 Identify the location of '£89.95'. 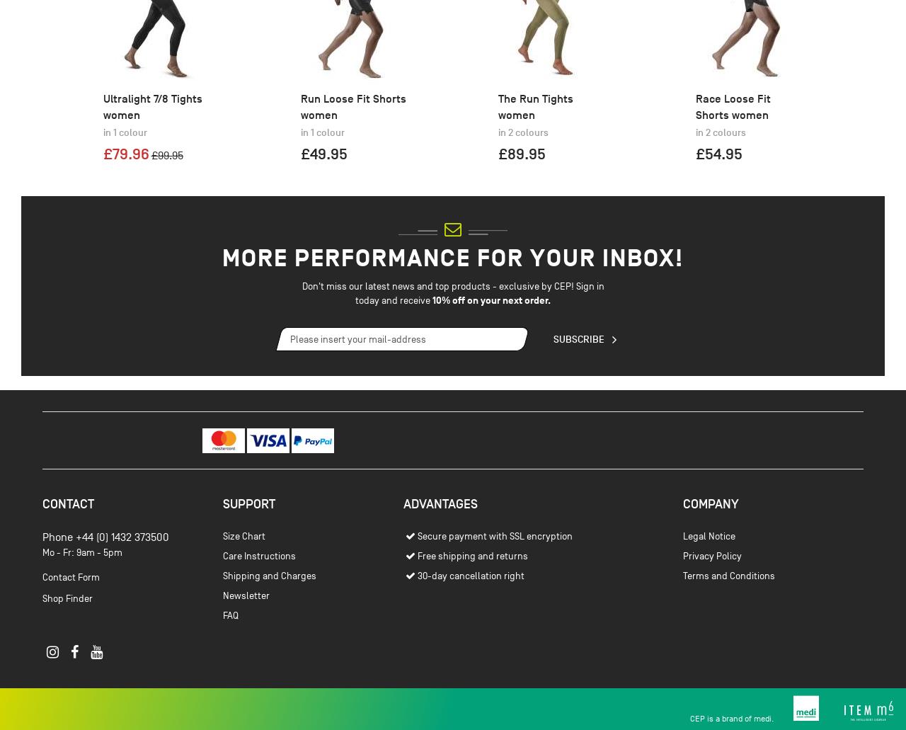
(520, 229).